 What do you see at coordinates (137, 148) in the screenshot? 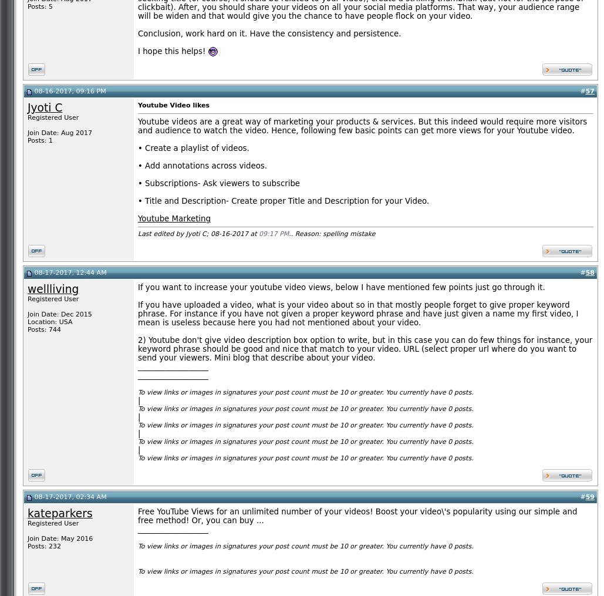
I see `'•	Create a playlist of videos.'` at bounding box center [137, 148].